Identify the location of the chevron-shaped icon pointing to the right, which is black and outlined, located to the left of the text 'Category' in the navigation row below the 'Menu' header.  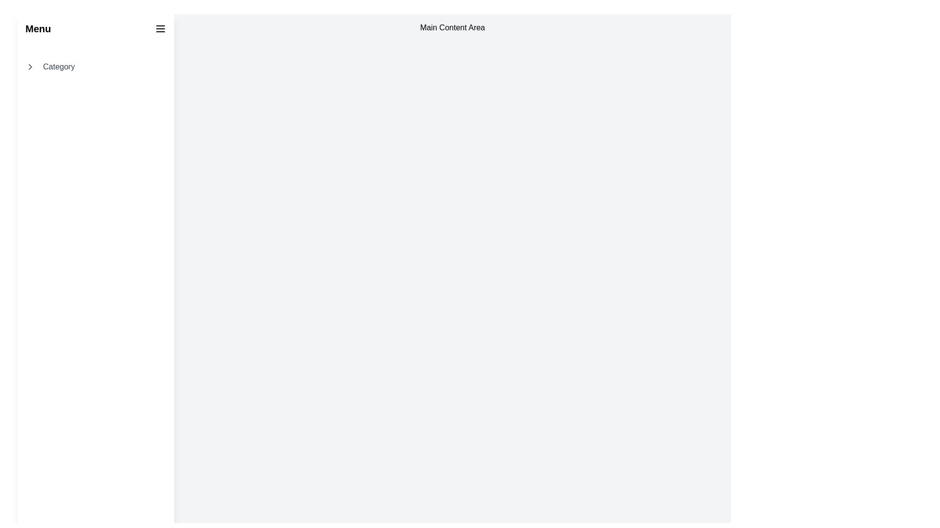
(30, 66).